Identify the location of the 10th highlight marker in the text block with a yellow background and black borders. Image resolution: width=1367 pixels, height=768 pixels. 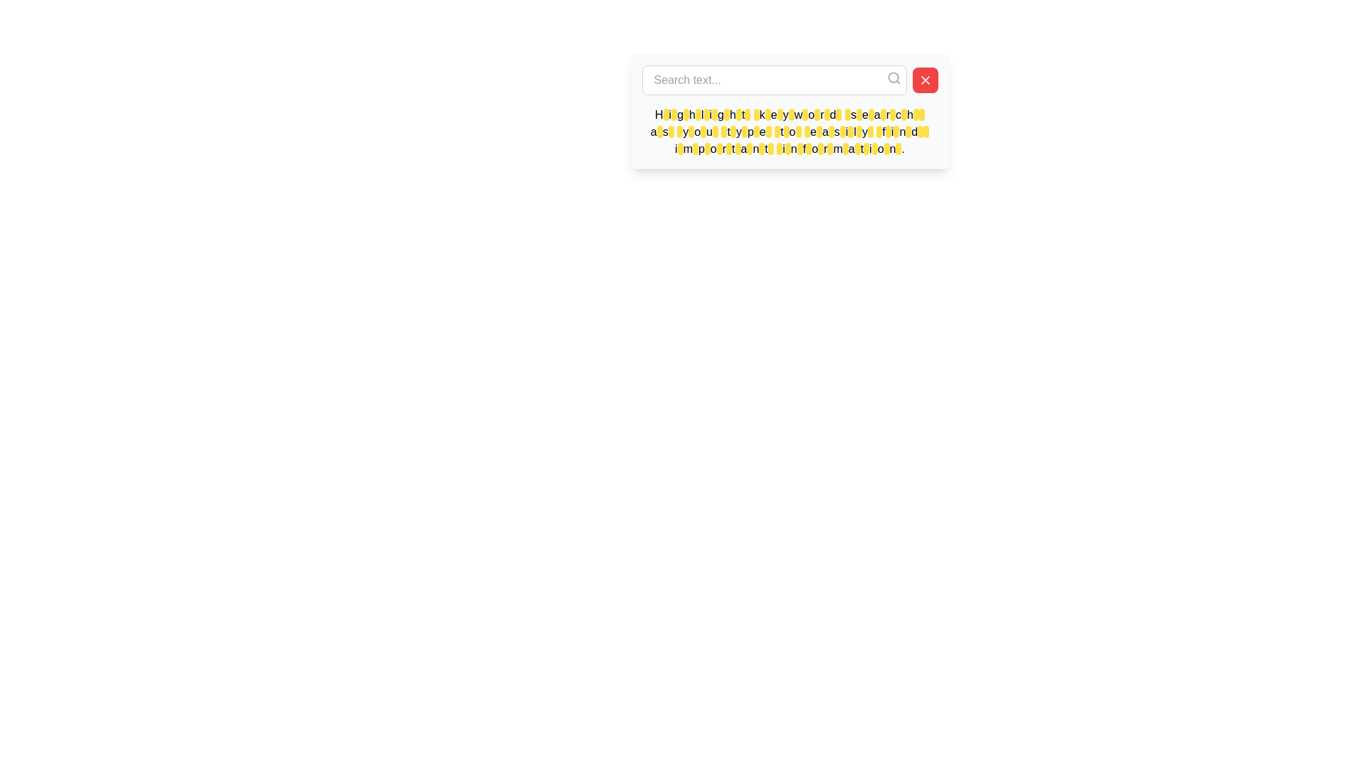
(755, 114).